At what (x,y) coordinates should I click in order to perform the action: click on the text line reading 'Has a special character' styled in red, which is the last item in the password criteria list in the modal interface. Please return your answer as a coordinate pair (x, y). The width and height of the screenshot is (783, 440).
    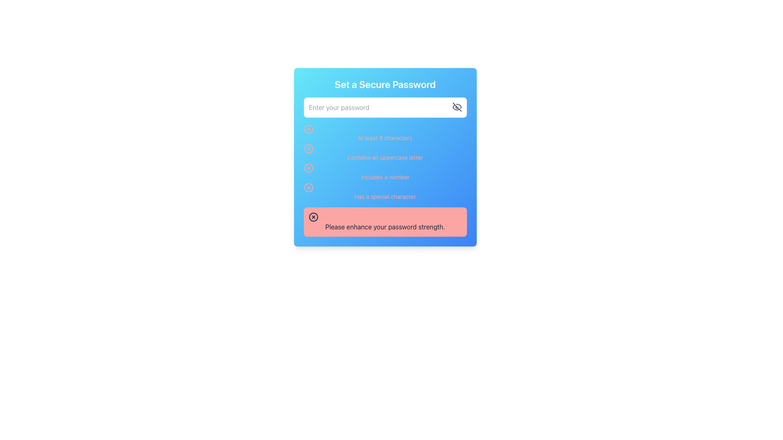
    Looking at the image, I should click on (385, 191).